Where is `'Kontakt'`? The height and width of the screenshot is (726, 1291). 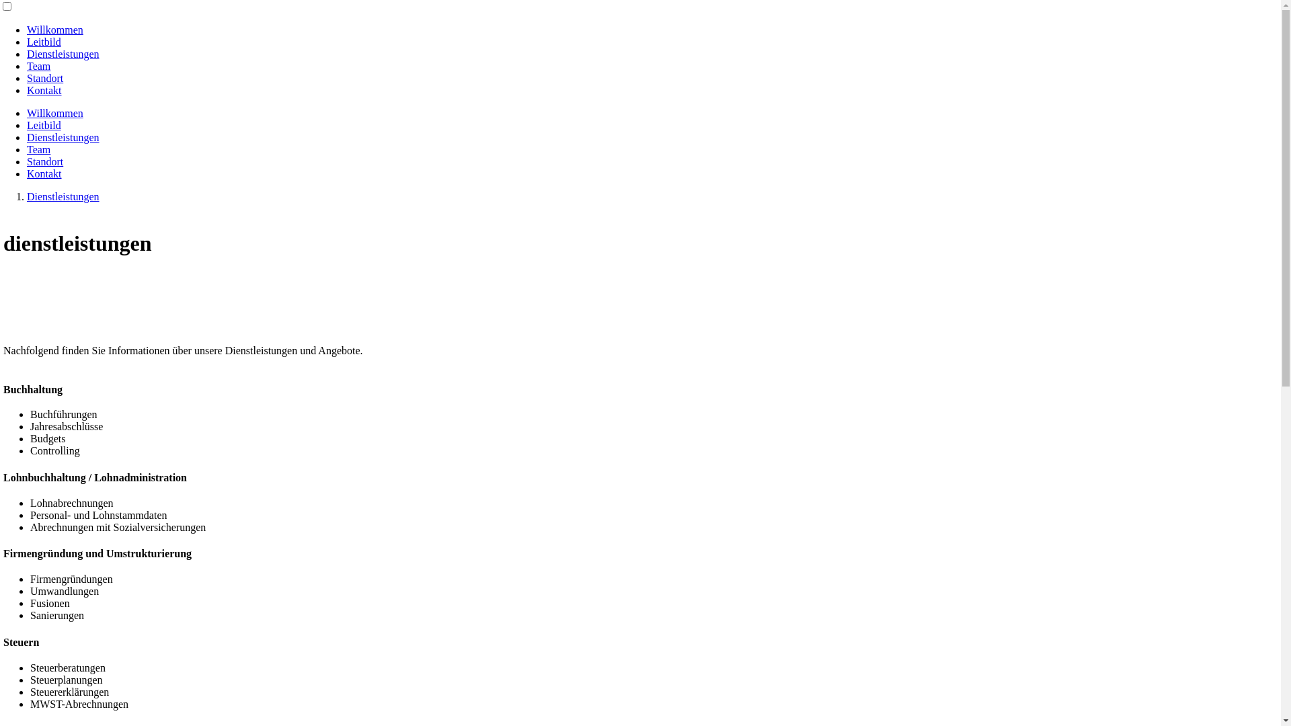 'Kontakt' is located at coordinates (44, 90).